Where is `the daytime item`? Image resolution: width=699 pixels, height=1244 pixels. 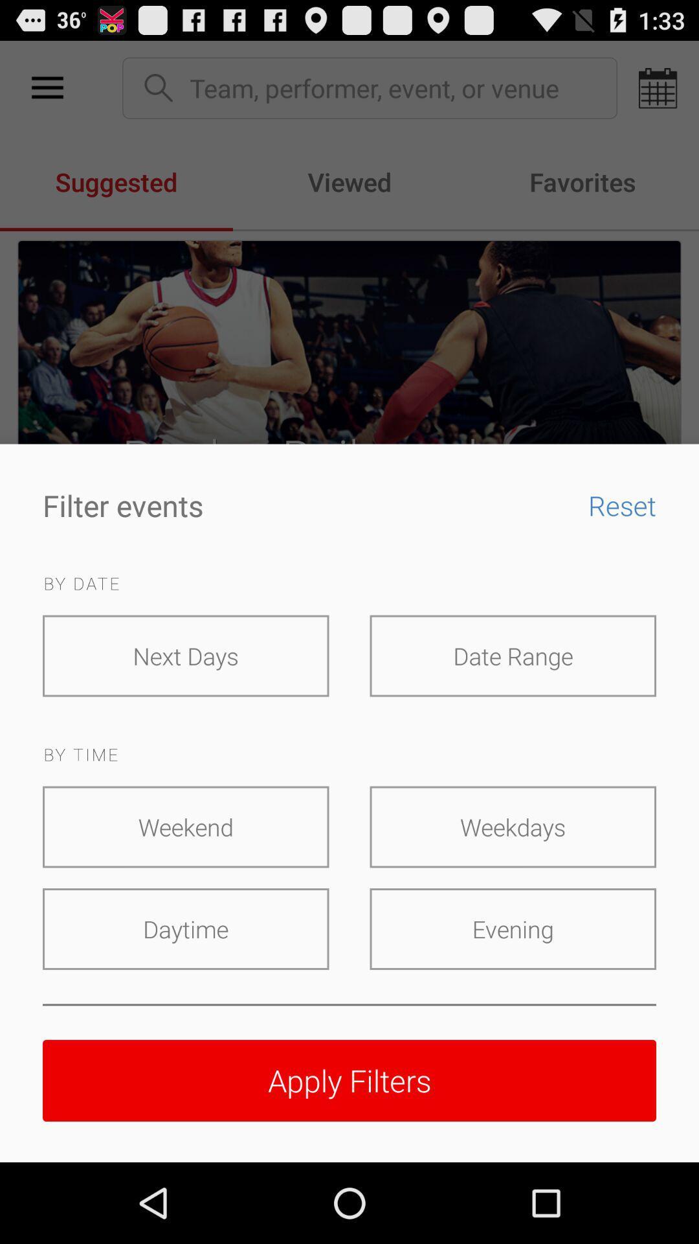 the daytime item is located at coordinates (186, 928).